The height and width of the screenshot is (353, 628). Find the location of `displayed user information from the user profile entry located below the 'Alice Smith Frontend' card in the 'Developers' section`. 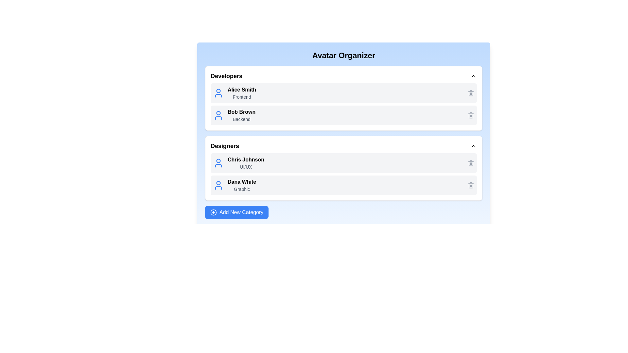

displayed user information from the user profile entry located below the 'Alice Smith Frontend' card in the 'Developers' section is located at coordinates (343, 115).